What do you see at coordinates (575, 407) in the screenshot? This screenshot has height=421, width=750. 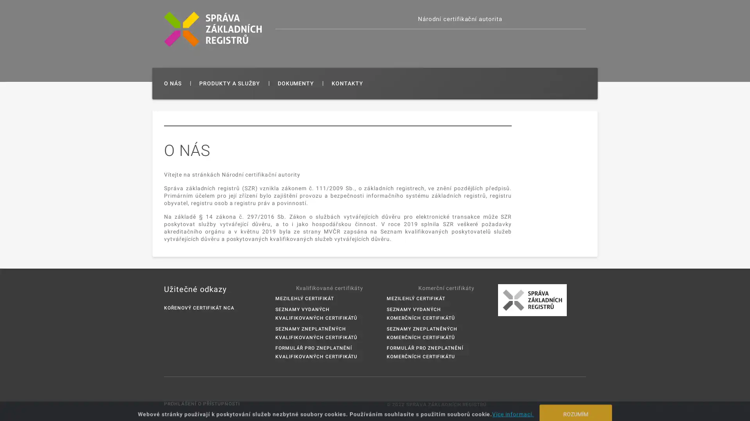 I see `ROZUMIM` at bounding box center [575, 407].